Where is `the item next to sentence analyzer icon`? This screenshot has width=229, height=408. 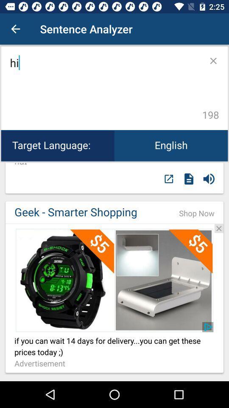 the item next to sentence analyzer icon is located at coordinates (15, 29).